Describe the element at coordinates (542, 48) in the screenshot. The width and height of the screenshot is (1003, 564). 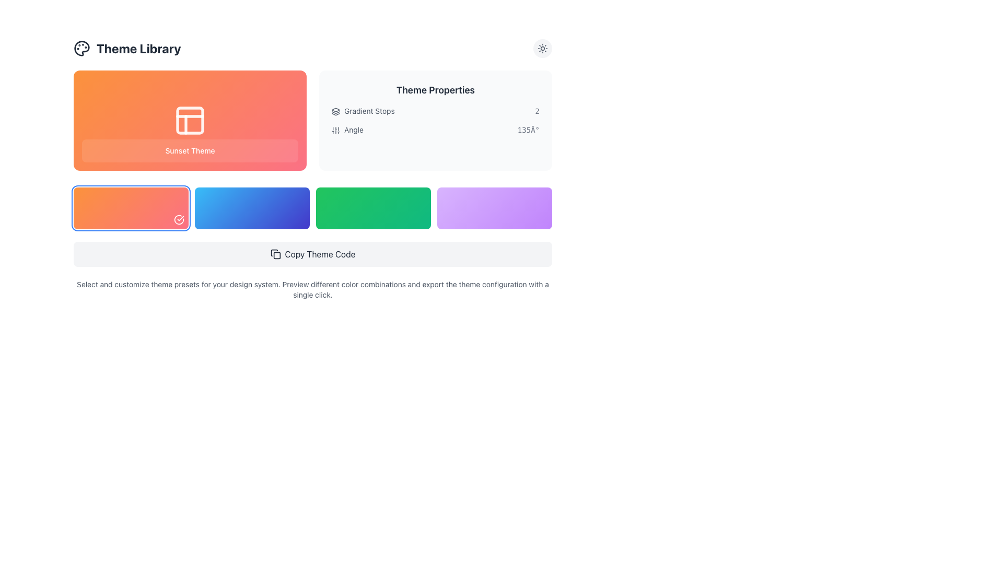
I see `the button with a sun icon located at the top-right corner of the interface` at that location.